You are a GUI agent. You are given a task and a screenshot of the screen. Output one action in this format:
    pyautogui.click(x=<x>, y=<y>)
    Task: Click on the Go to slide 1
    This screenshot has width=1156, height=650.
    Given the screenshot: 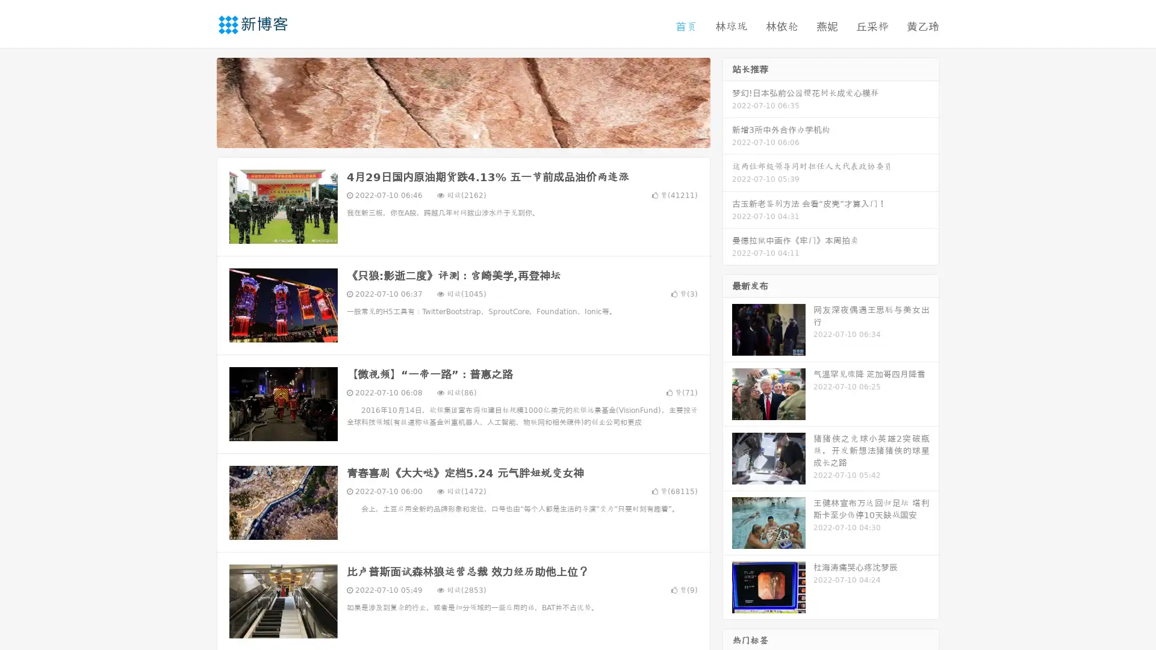 What is the action you would take?
    pyautogui.click(x=450, y=135)
    